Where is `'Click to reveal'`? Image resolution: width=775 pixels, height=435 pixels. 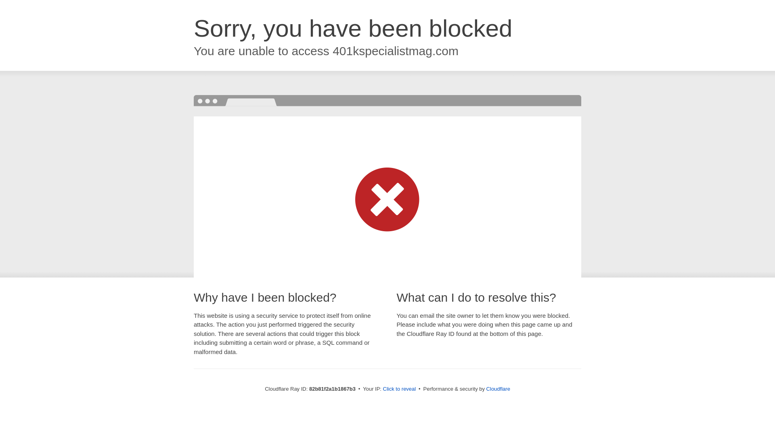 'Click to reveal' is located at coordinates (399, 388).